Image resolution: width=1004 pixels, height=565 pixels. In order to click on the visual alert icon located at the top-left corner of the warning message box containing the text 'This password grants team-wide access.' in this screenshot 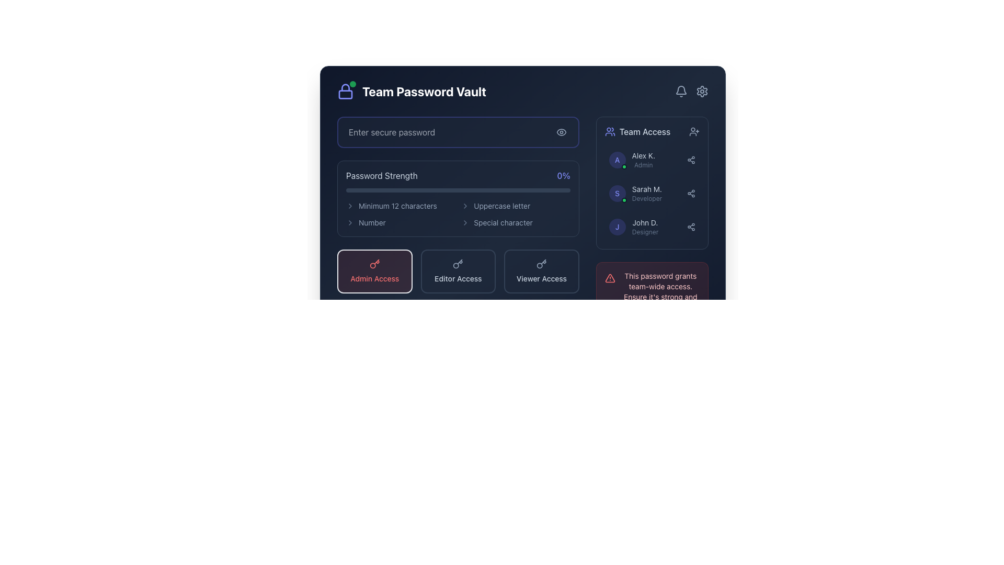, I will do `click(610, 278)`.